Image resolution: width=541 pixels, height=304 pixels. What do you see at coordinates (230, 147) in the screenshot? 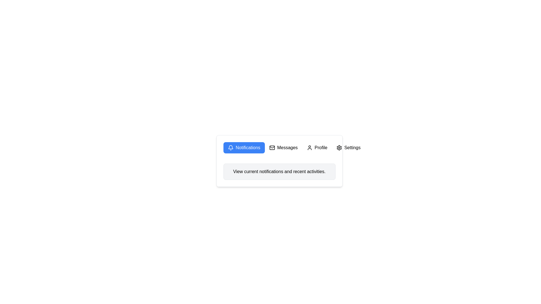
I see `the stylized bell icon located at the leftmost side of the blue 'Notifications' button` at bounding box center [230, 147].